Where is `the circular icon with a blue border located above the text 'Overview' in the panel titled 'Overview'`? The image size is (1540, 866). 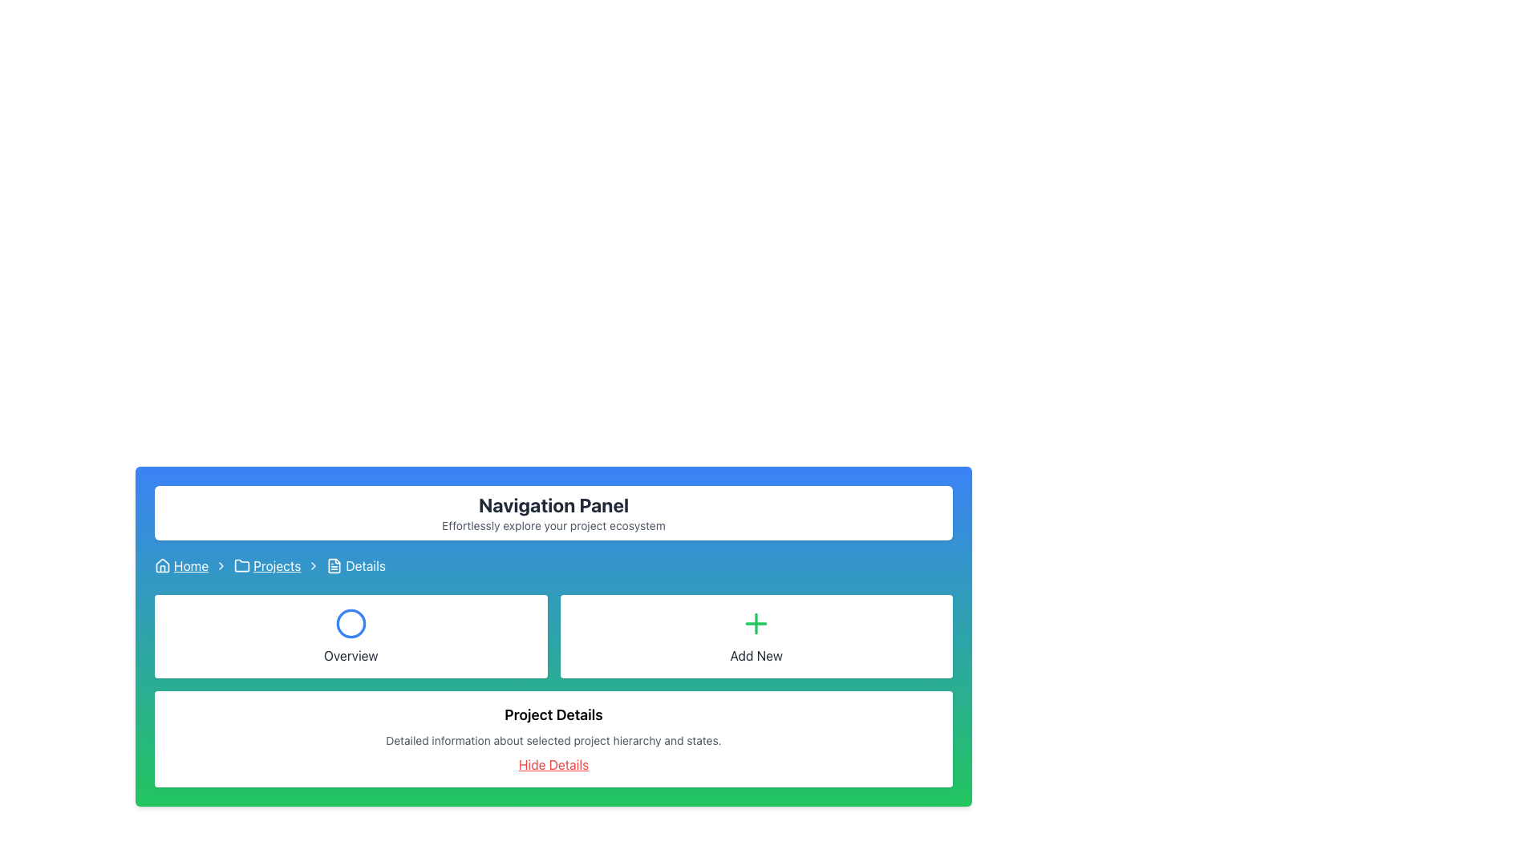 the circular icon with a blue border located above the text 'Overview' in the panel titled 'Overview' is located at coordinates (350, 623).